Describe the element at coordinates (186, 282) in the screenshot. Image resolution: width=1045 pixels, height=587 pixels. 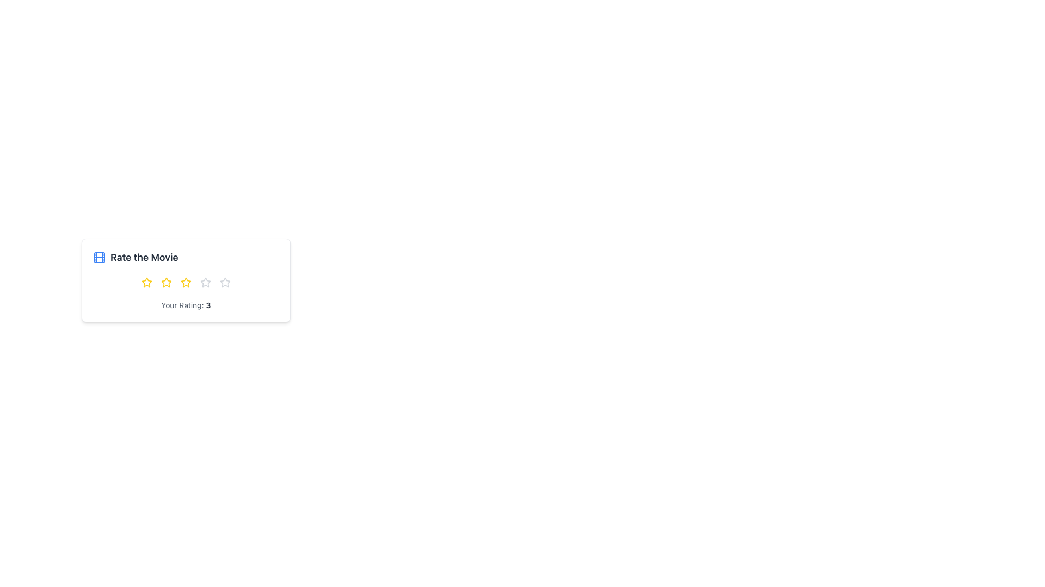
I see `the third rating star icon located below the 'Rate the Movie' title` at that location.